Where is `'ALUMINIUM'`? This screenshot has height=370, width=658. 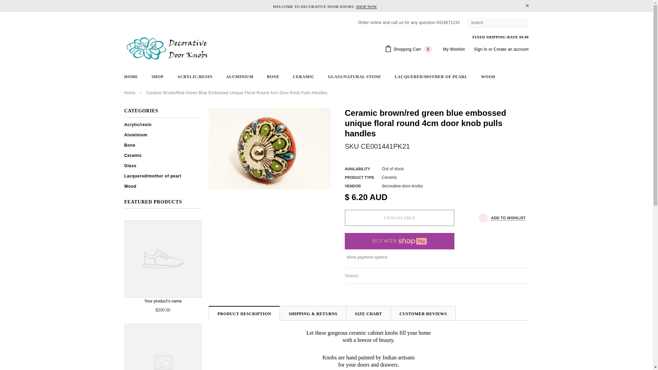 'ALUMINIUM' is located at coordinates (226, 76).